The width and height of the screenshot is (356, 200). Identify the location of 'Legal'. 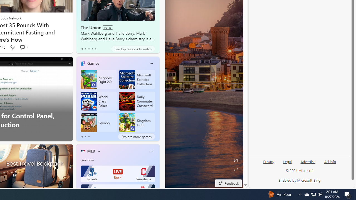
(287, 162).